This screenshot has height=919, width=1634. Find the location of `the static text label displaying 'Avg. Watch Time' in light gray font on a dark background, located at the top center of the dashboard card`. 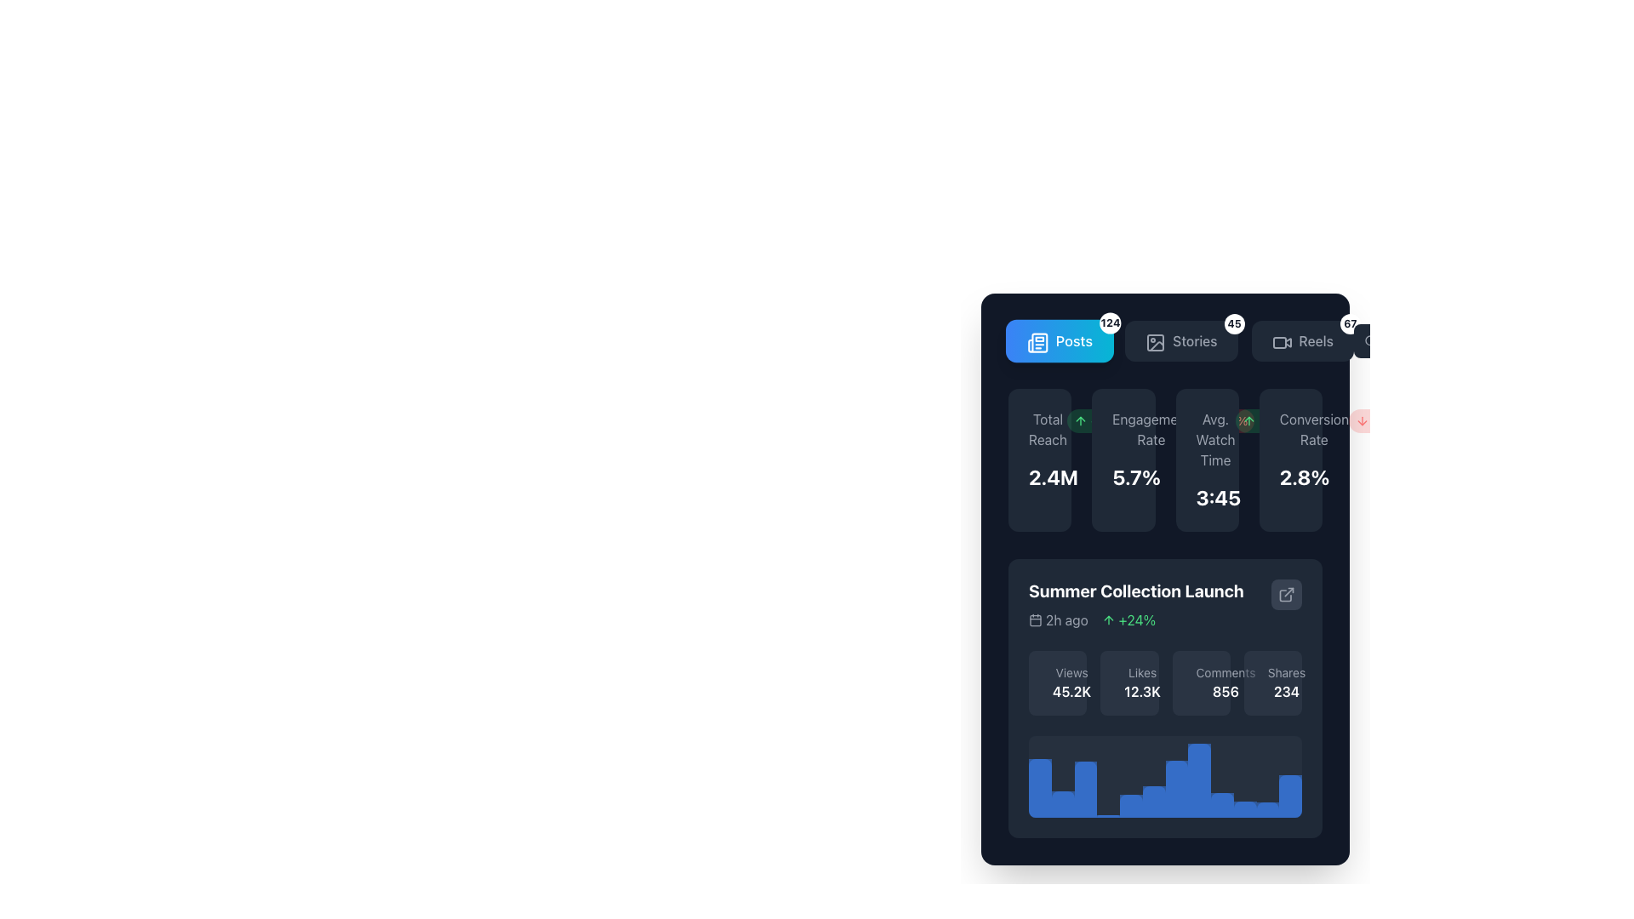

the static text label displaying 'Avg. Watch Time' in light gray font on a dark background, located at the top center of the dashboard card is located at coordinates (1214, 438).